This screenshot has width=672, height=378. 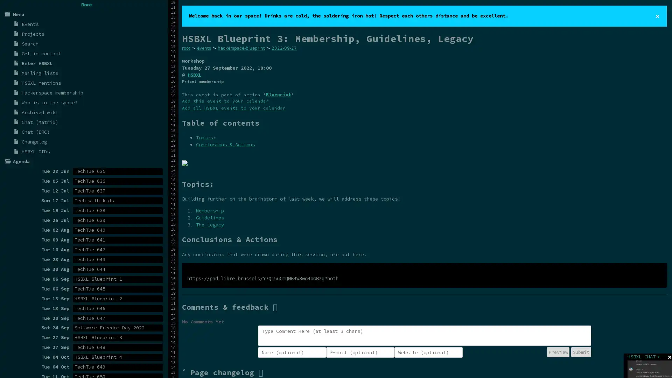 I want to click on Preview, so click(x=558, y=352).